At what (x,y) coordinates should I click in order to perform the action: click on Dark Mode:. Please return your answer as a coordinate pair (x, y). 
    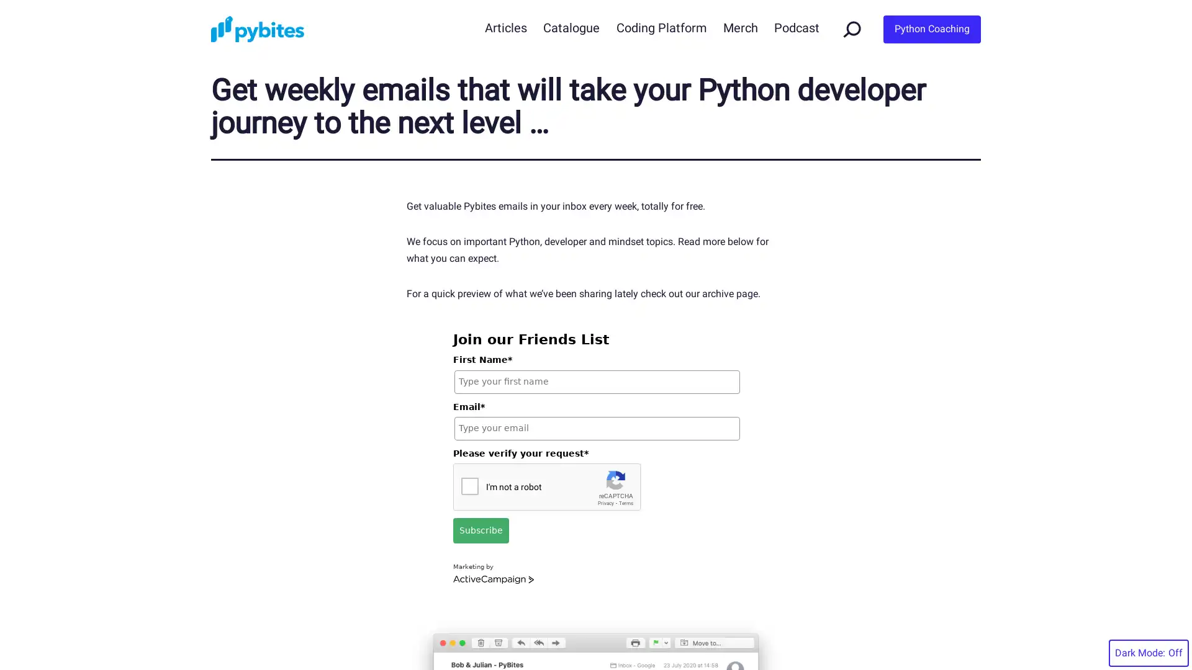
    Looking at the image, I should click on (1148, 653).